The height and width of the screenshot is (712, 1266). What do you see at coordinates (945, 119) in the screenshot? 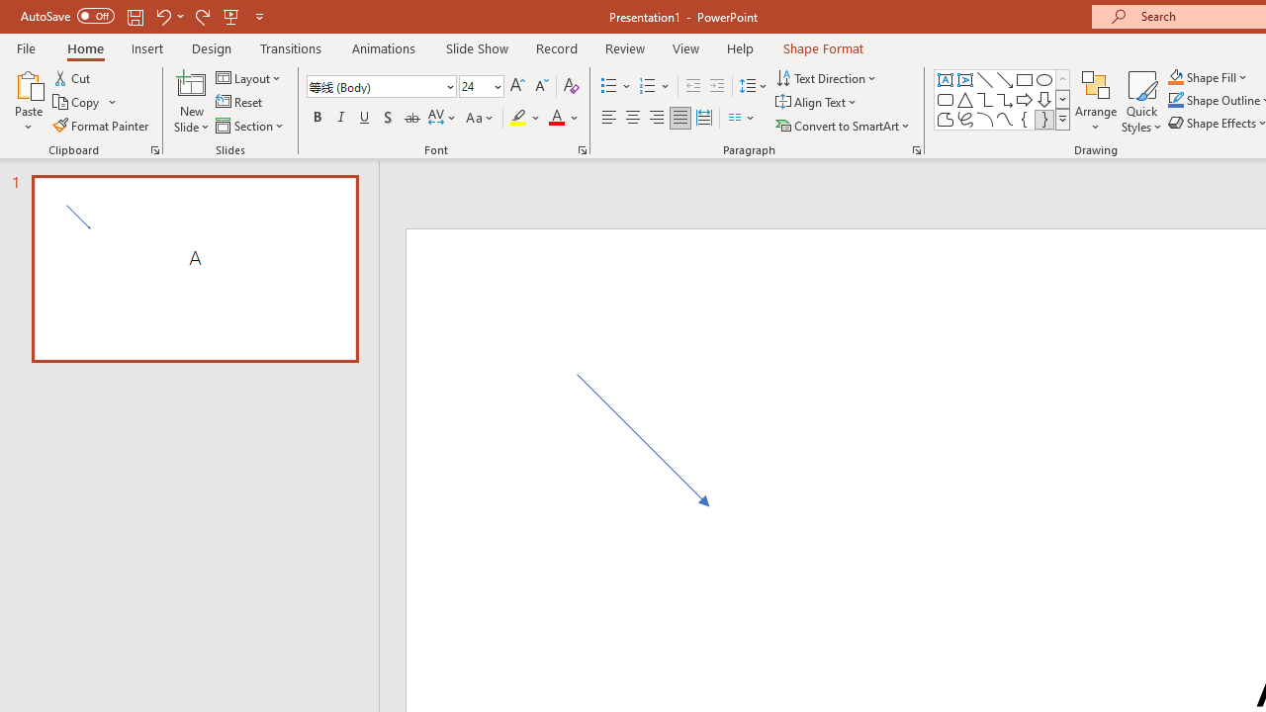
I see `'Freeform: Shape'` at bounding box center [945, 119].